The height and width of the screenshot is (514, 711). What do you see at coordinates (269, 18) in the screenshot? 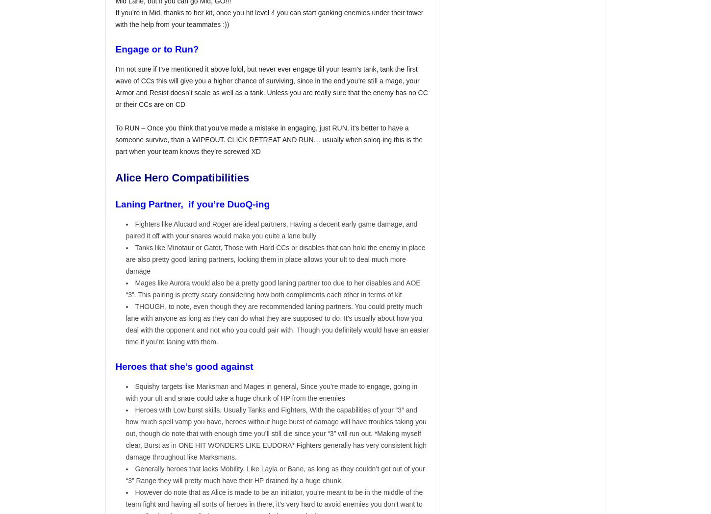
I see `'If you’re in Mid, thanks to her kit, once you hit level 4 you can start ganking enemies under their tower with the help from your teammates :))'` at bounding box center [269, 18].